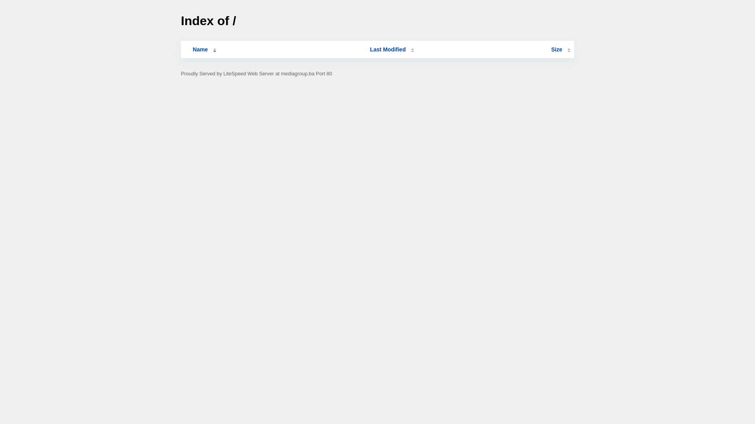 The height and width of the screenshot is (424, 755). What do you see at coordinates (200, 49) in the screenshot?
I see `'Name'` at bounding box center [200, 49].